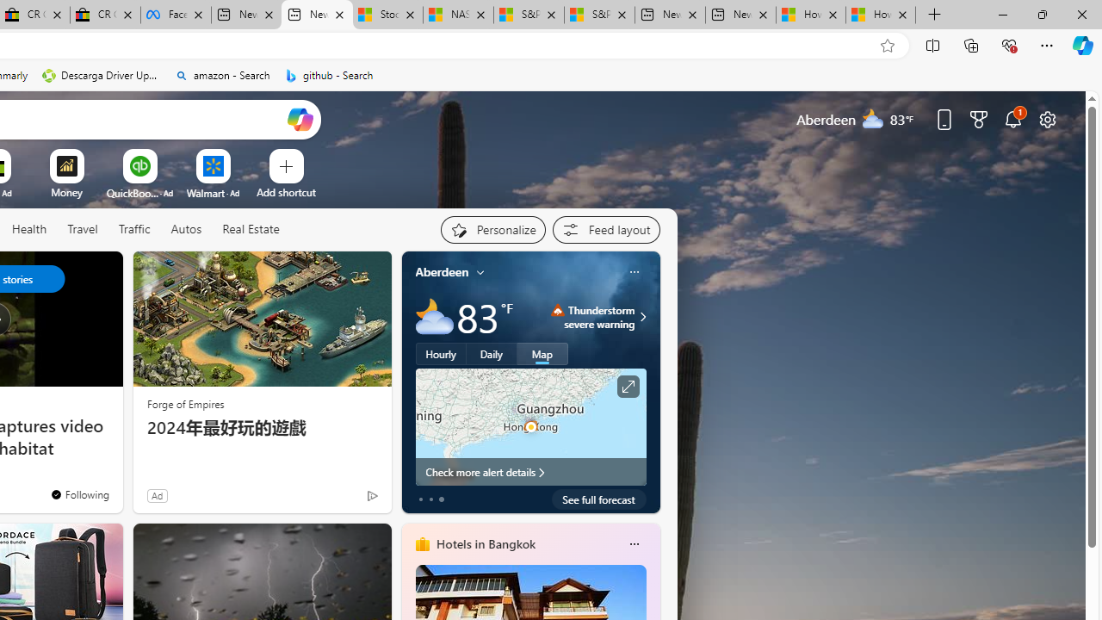 The height and width of the screenshot is (620, 1102). I want to click on 'tab-1', so click(430, 499).